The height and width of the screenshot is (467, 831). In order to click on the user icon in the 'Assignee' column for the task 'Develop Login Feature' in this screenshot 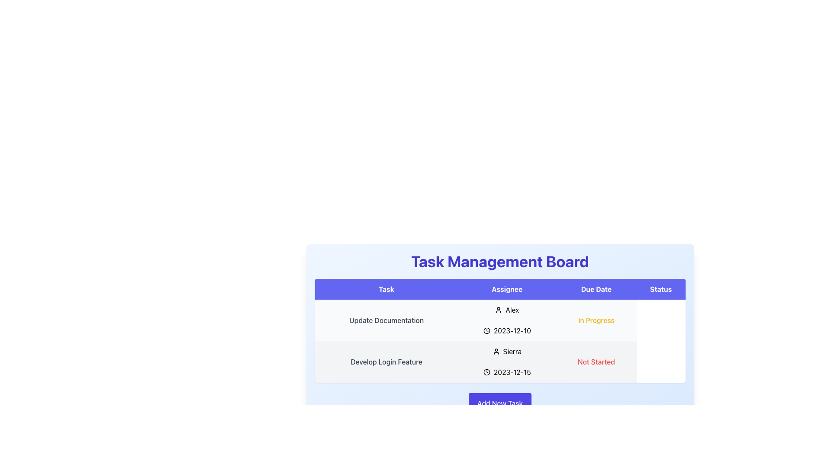, I will do `click(496, 352)`.